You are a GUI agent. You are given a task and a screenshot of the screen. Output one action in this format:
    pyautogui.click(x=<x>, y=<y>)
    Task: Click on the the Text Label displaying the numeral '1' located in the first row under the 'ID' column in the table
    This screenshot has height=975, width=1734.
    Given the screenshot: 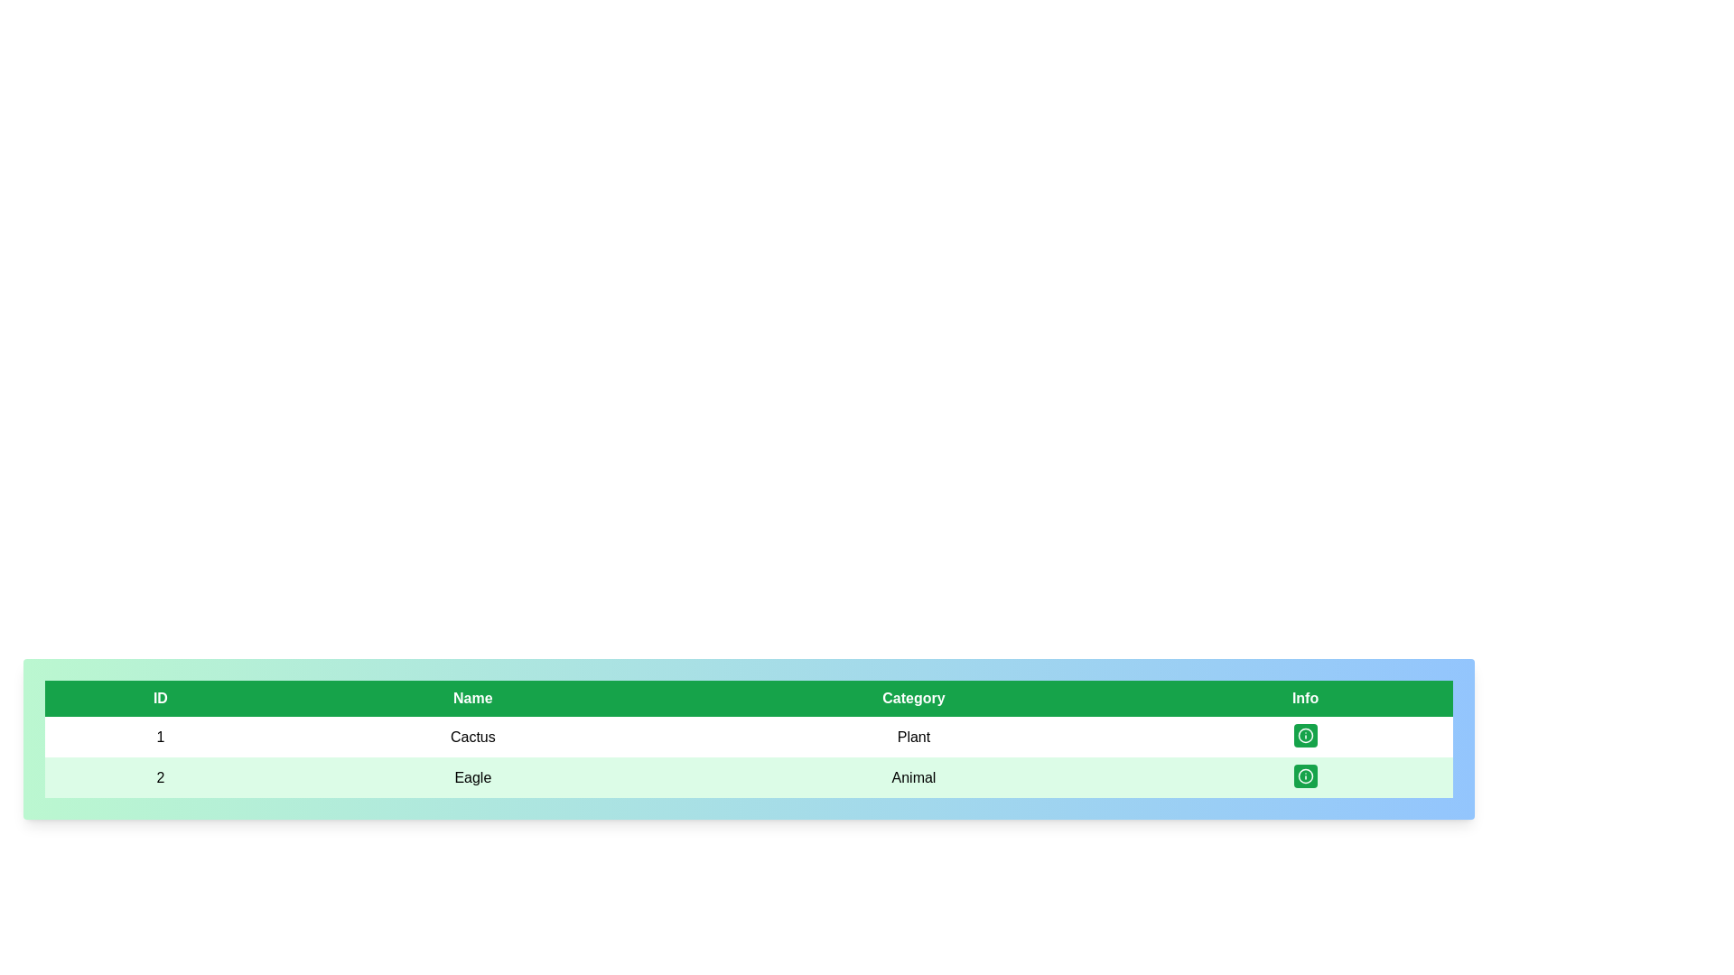 What is the action you would take?
    pyautogui.click(x=160, y=737)
    